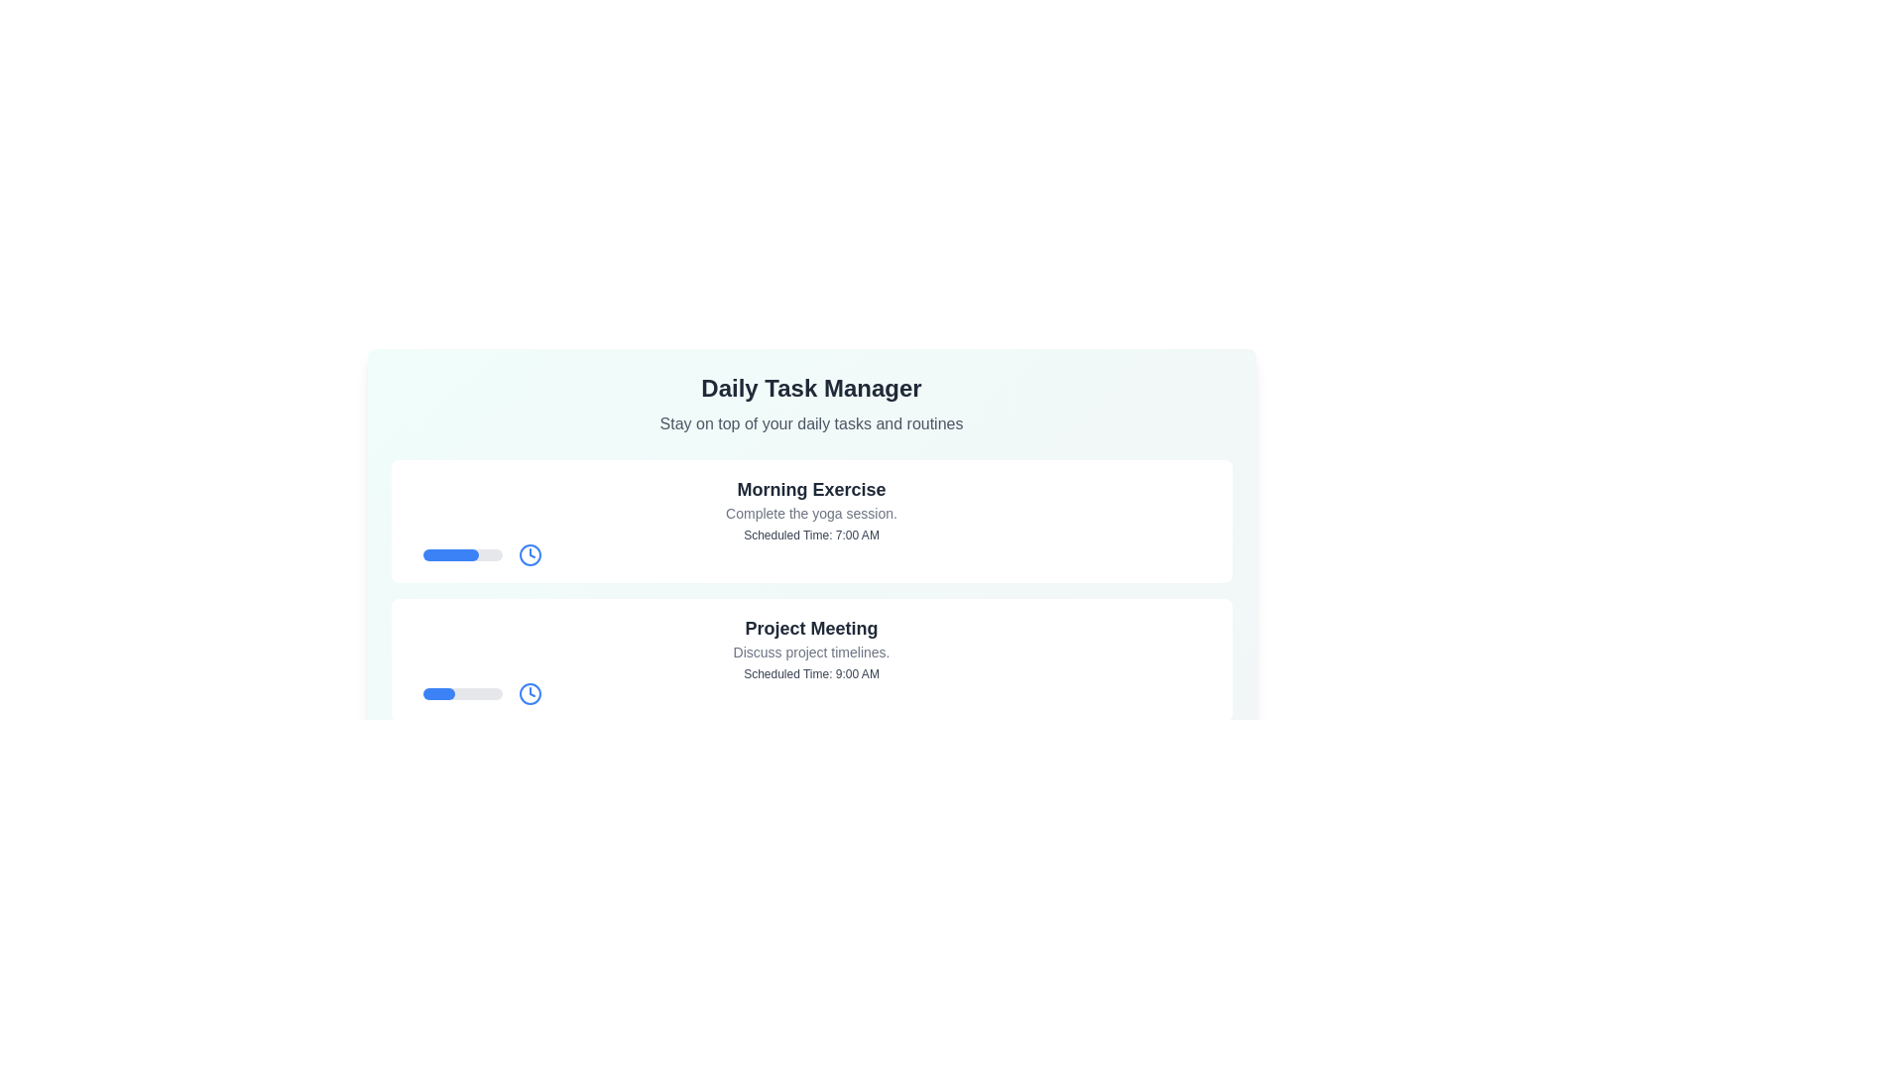  What do you see at coordinates (811, 508) in the screenshot?
I see `the text block titled 'Morning Exercise', which contains instructions to complete the yoga session and specifies the scheduled time` at bounding box center [811, 508].